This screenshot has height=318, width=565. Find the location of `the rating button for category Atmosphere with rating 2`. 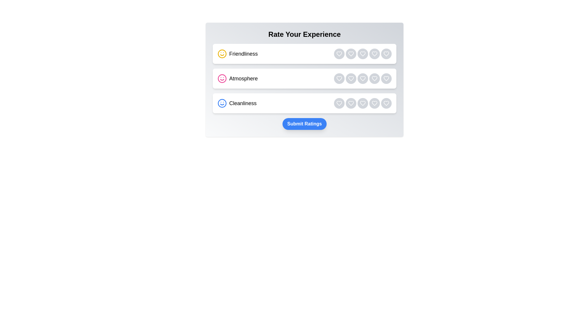

the rating button for category Atmosphere with rating 2 is located at coordinates (351, 78).